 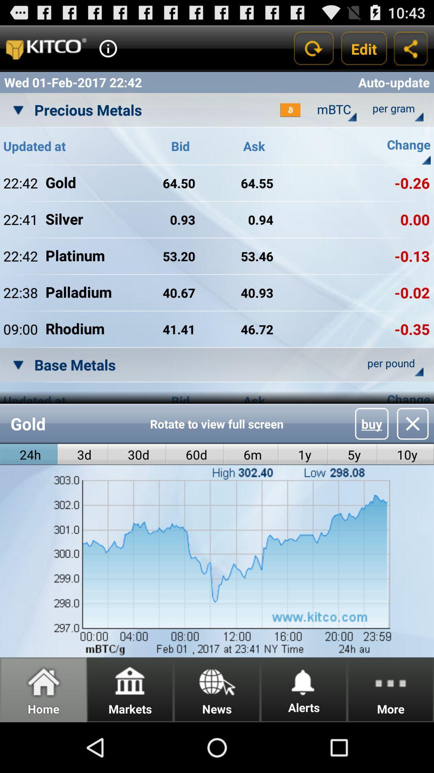 What do you see at coordinates (137, 455) in the screenshot?
I see `the item to the right of the 3d radio button` at bounding box center [137, 455].